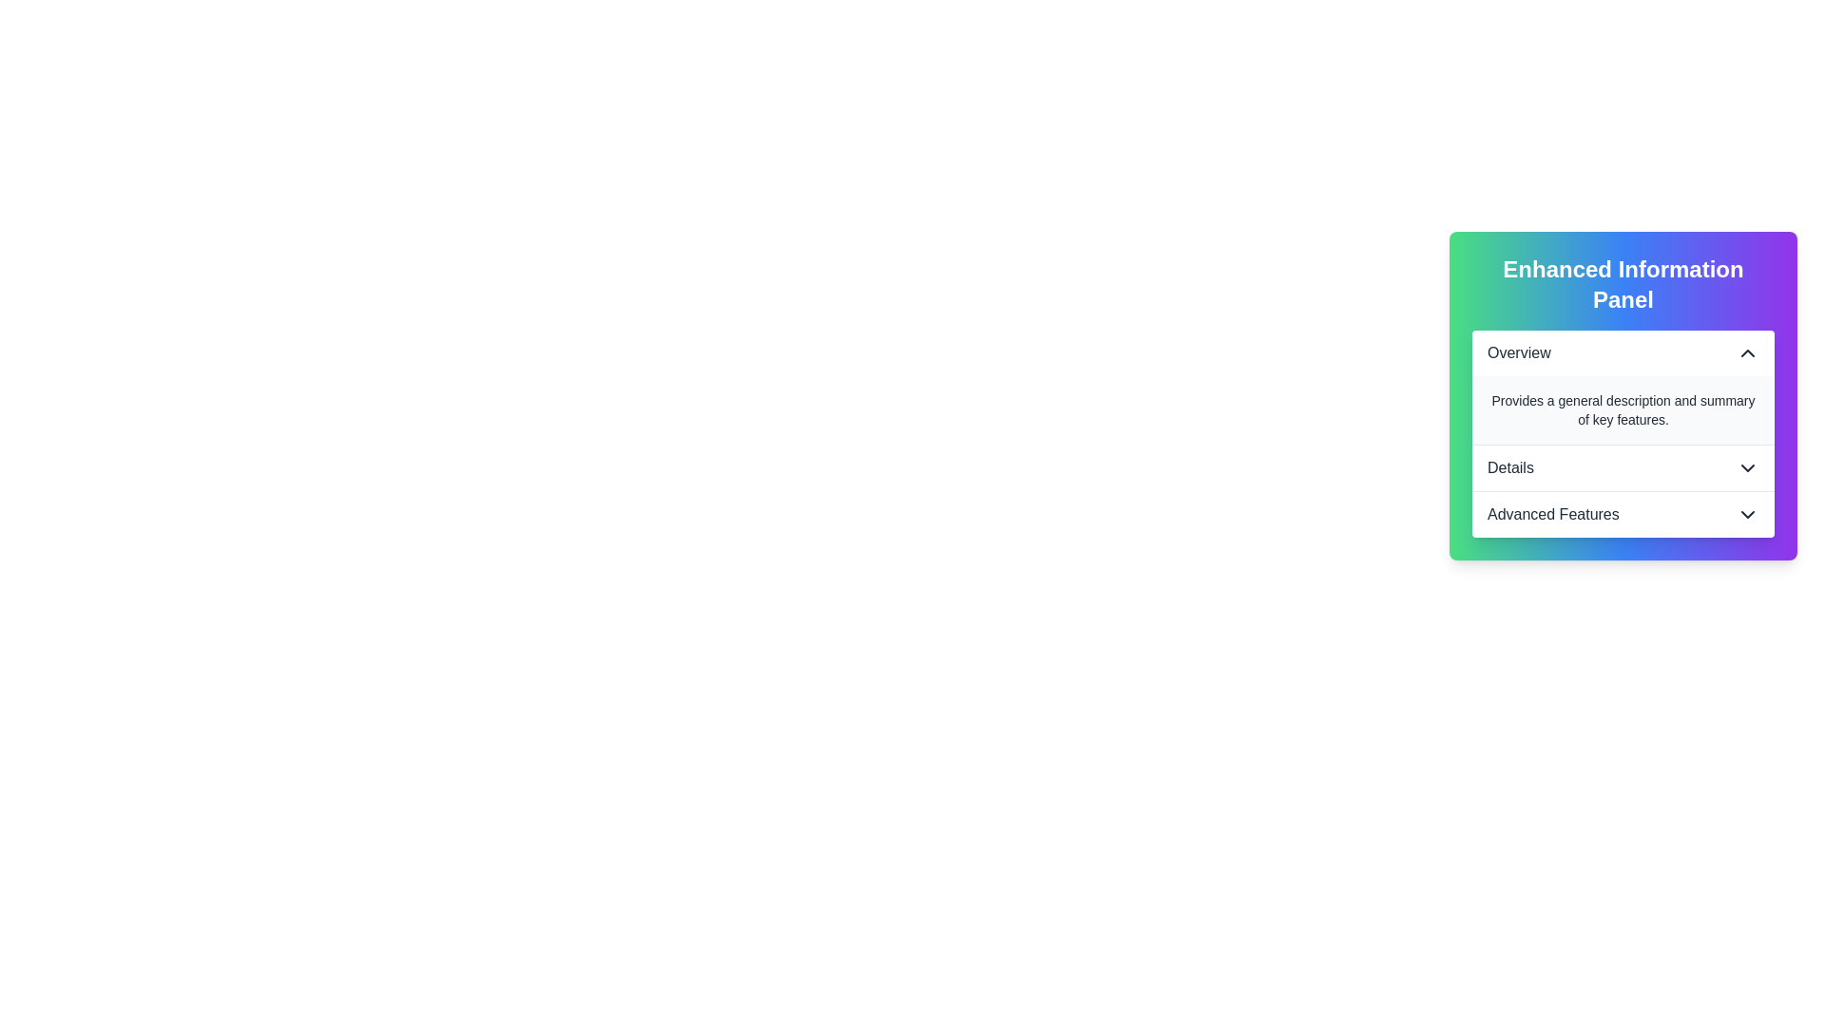  I want to click on the button located in the 'Enhanced Information Panel' that toggles additional details, so click(1623, 467).